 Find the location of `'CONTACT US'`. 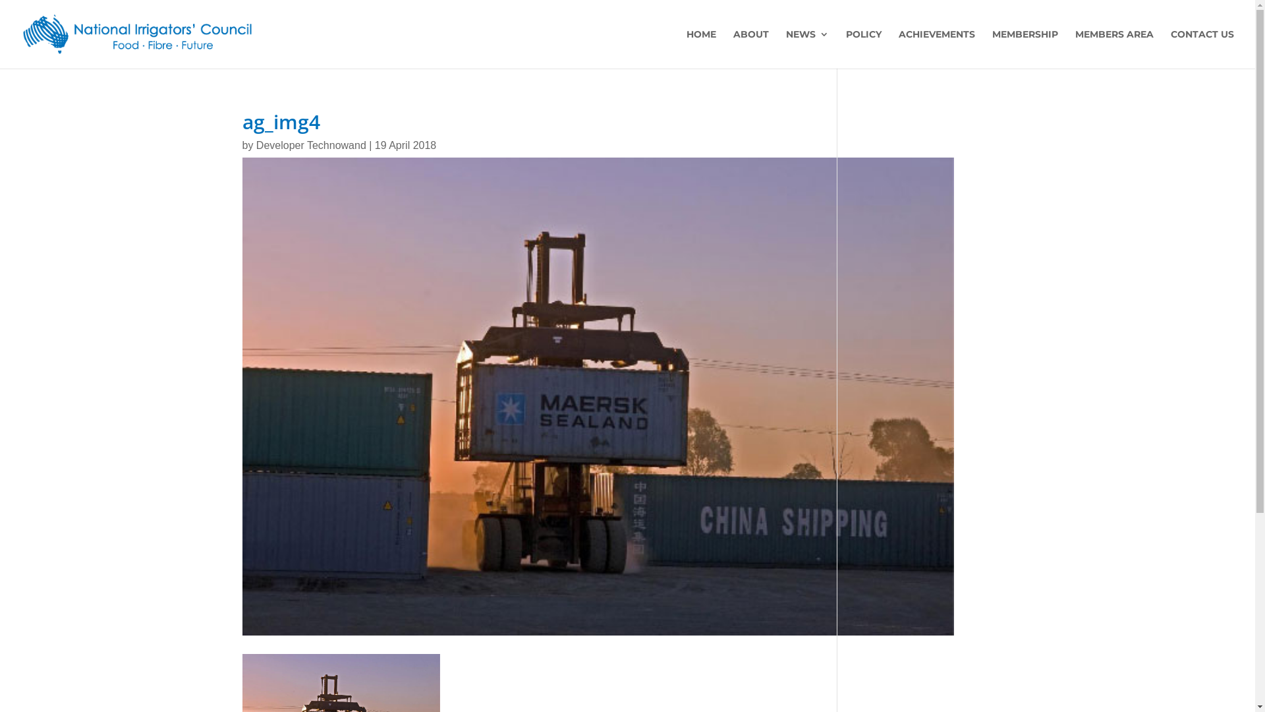

'CONTACT US' is located at coordinates (1202, 48).